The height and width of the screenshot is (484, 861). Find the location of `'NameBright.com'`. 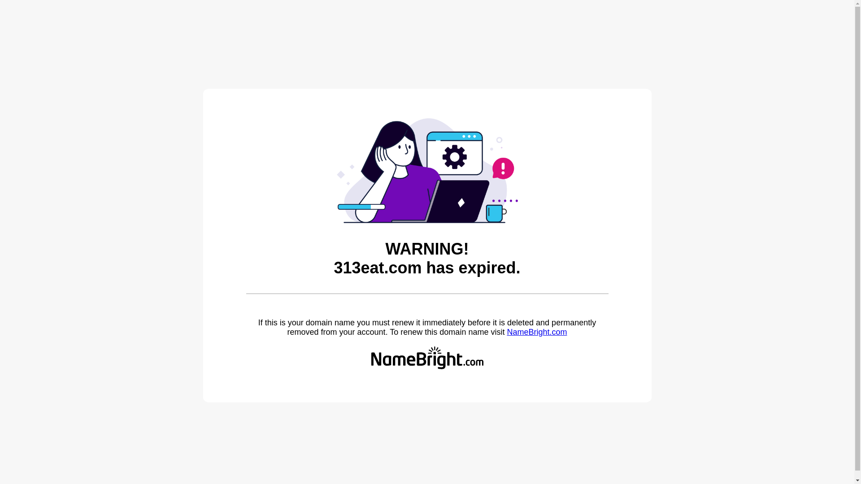

'NameBright.com' is located at coordinates (536, 332).